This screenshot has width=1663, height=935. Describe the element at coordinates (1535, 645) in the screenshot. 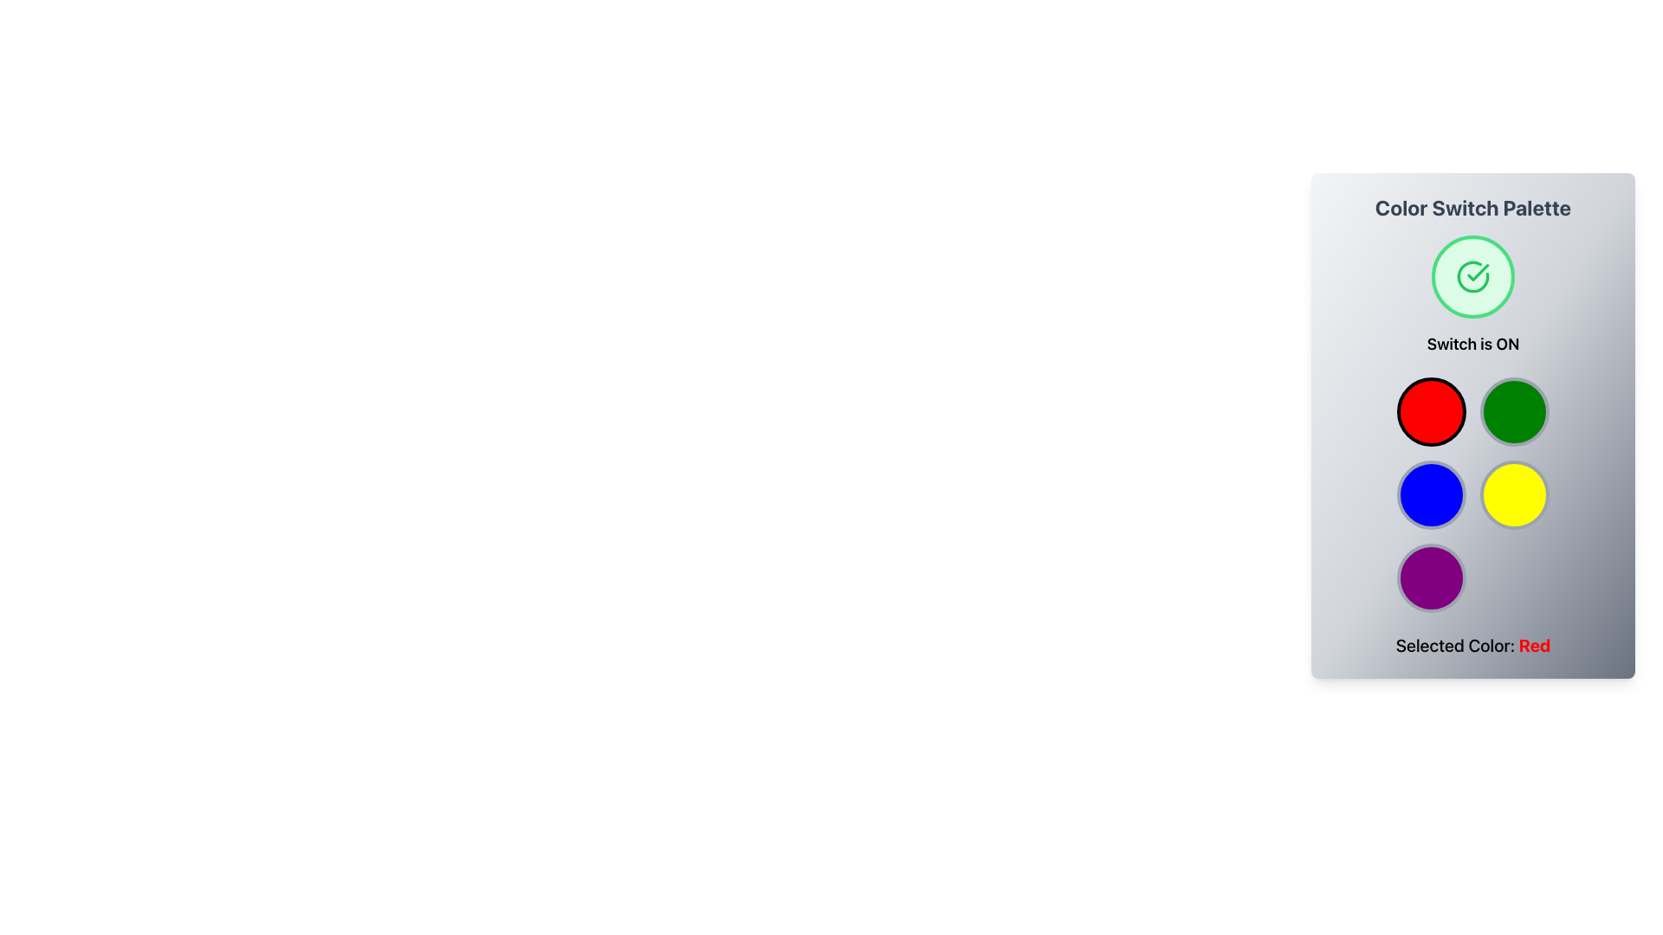

I see `the bold red text label that says 'Red', which is located at the bottom of the content area, just after 'Selected Color:'` at that location.